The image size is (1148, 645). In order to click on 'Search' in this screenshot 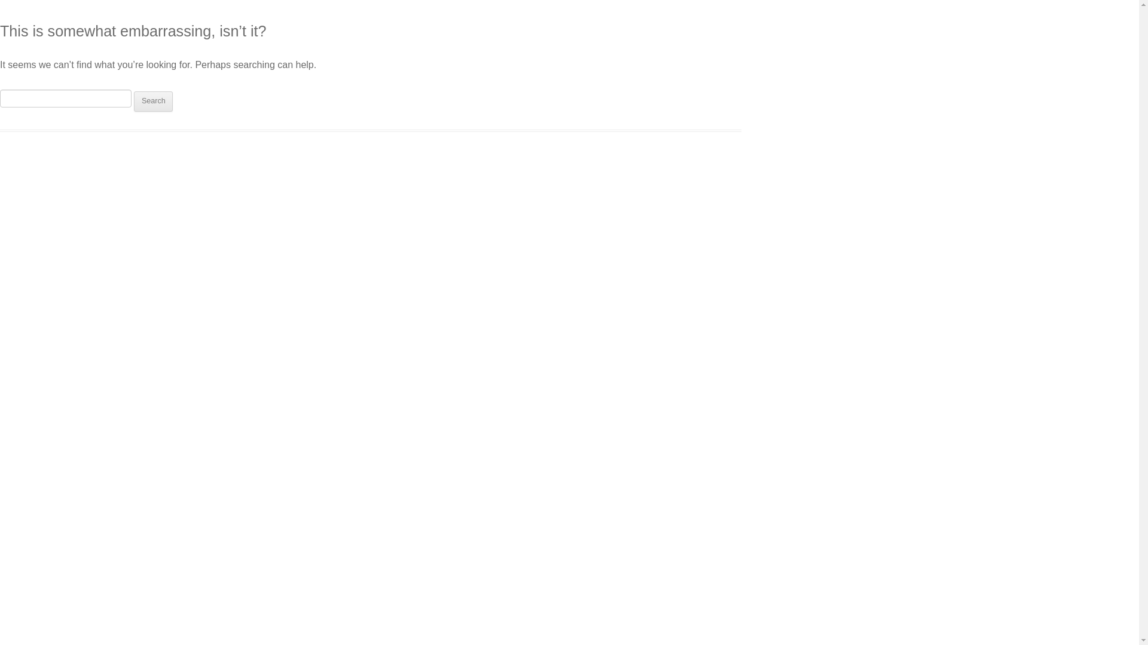, I will do `click(134, 100)`.